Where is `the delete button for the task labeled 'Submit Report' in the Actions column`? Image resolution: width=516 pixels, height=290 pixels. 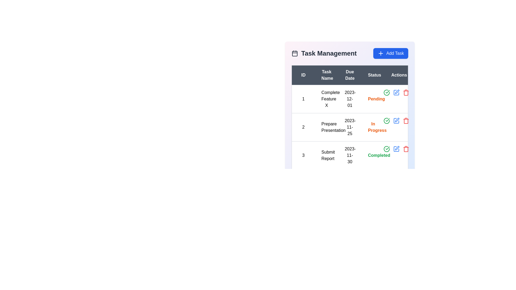 the delete button for the task labeled 'Submit Report' in the Actions column is located at coordinates (406, 121).